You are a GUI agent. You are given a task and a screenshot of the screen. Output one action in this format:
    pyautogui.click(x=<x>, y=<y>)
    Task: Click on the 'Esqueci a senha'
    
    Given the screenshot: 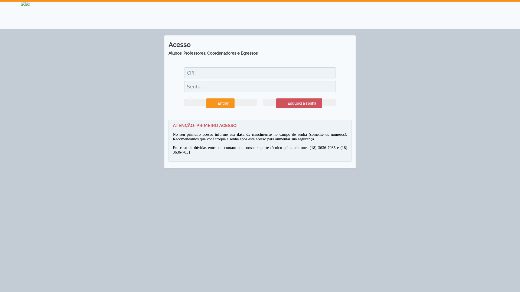 What is the action you would take?
    pyautogui.click(x=299, y=102)
    